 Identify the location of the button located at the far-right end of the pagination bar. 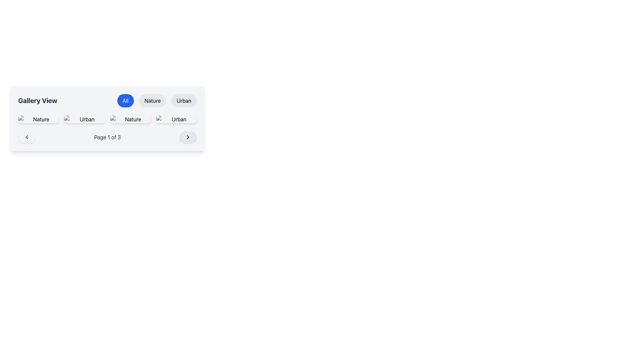
(188, 137).